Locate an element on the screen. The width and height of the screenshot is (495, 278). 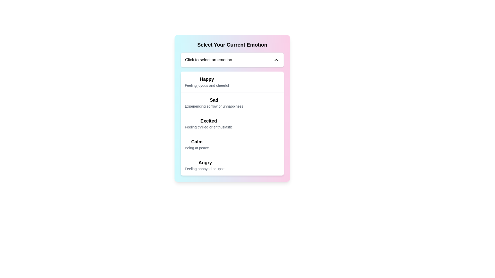
the 'Sad' emotion option in the list under the 'Select Your Current Emotion' dropdown is located at coordinates (214, 102).